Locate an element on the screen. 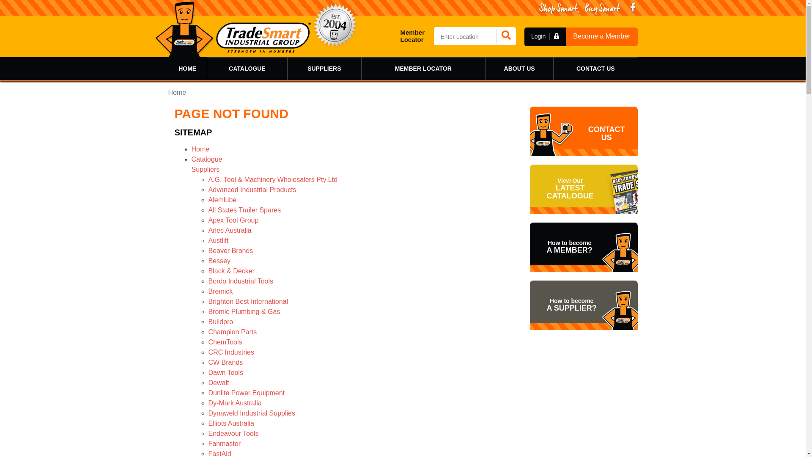 The image size is (812, 457). 'CW Brands' is located at coordinates (225, 362).